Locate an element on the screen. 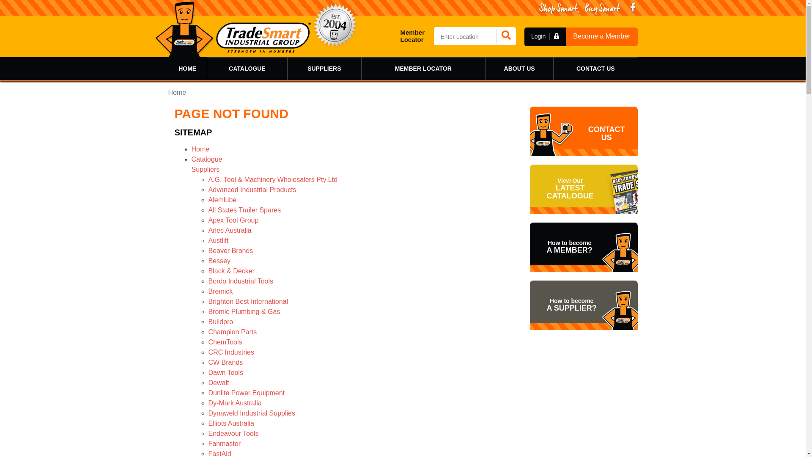 The image size is (812, 457). 'CW Brands' is located at coordinates (225, 362).